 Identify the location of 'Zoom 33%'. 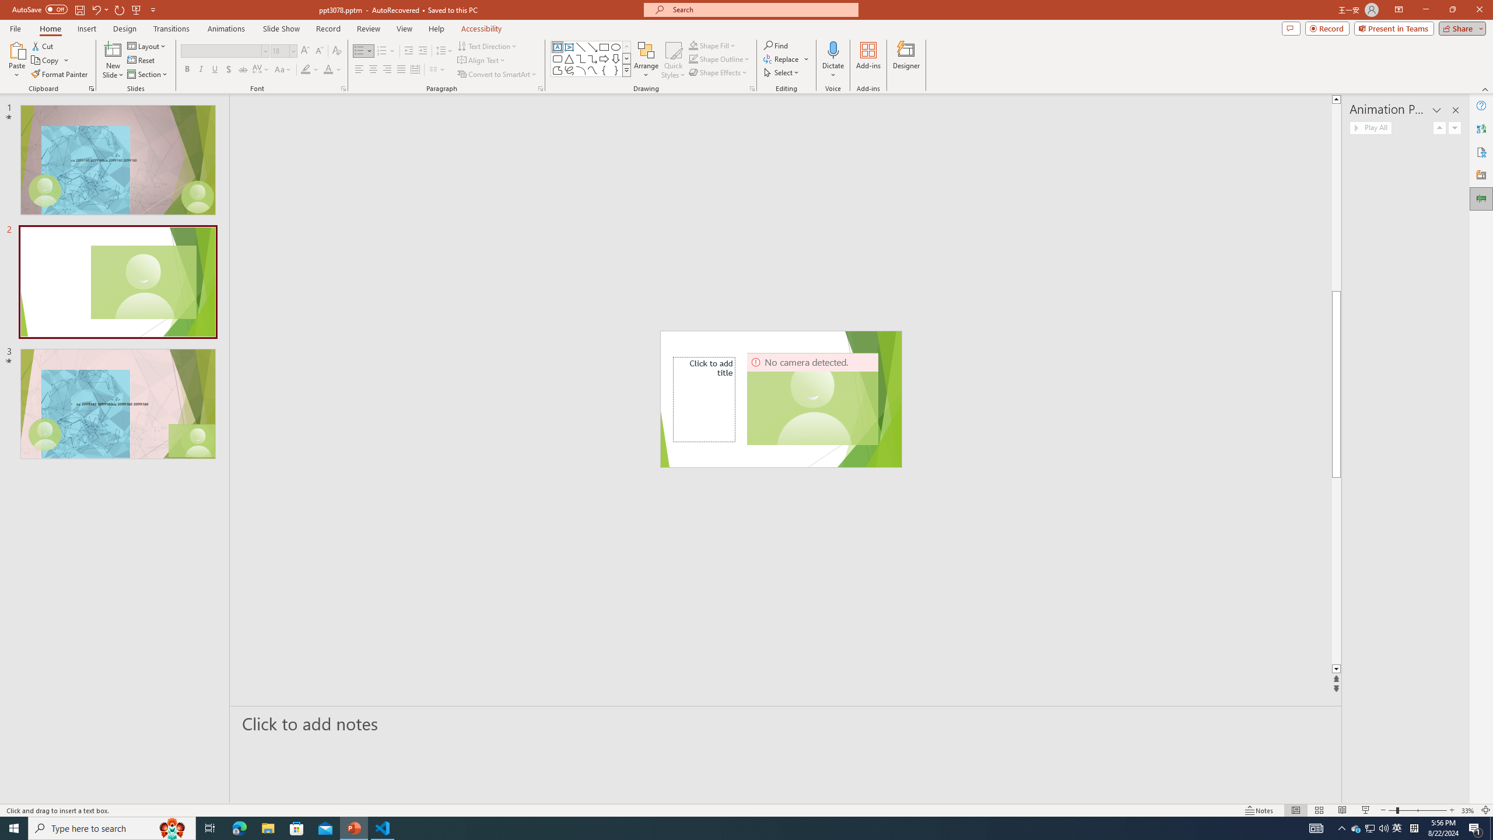
(1467, 810).